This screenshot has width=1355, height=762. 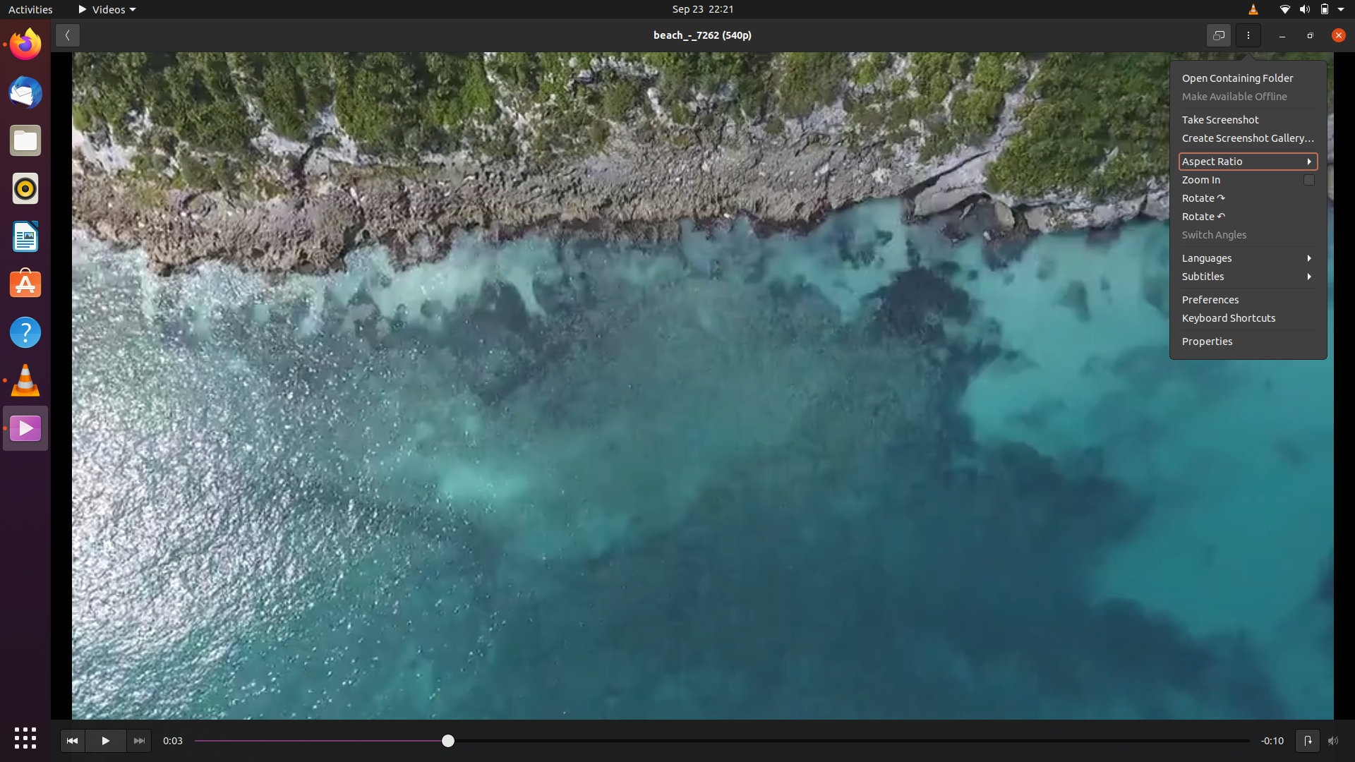 What do you see at coordinates (65, 34) in the screenshot?
I see `Traverse to the prior page in video configurations` at bounding box center [65, 34].